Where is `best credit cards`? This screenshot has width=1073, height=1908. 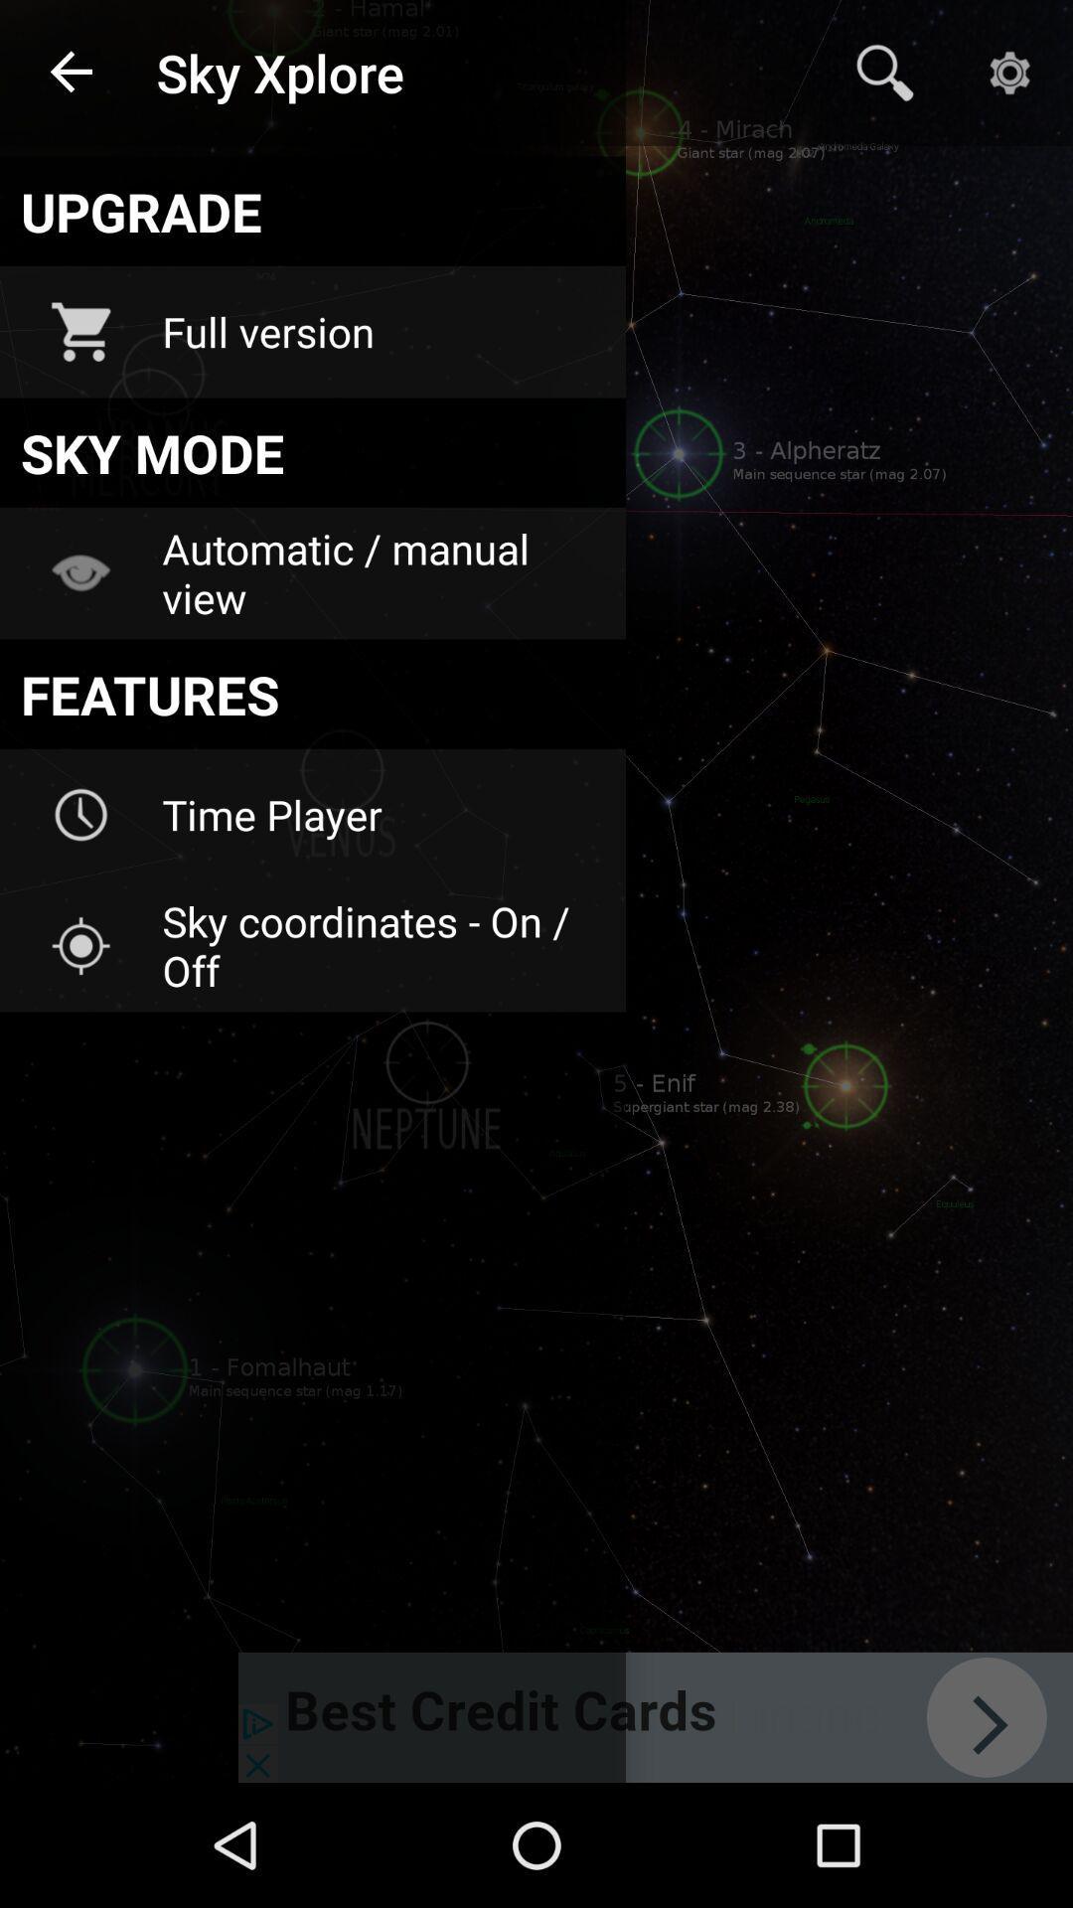
best credit cards is located at coordinates (655, 1716).